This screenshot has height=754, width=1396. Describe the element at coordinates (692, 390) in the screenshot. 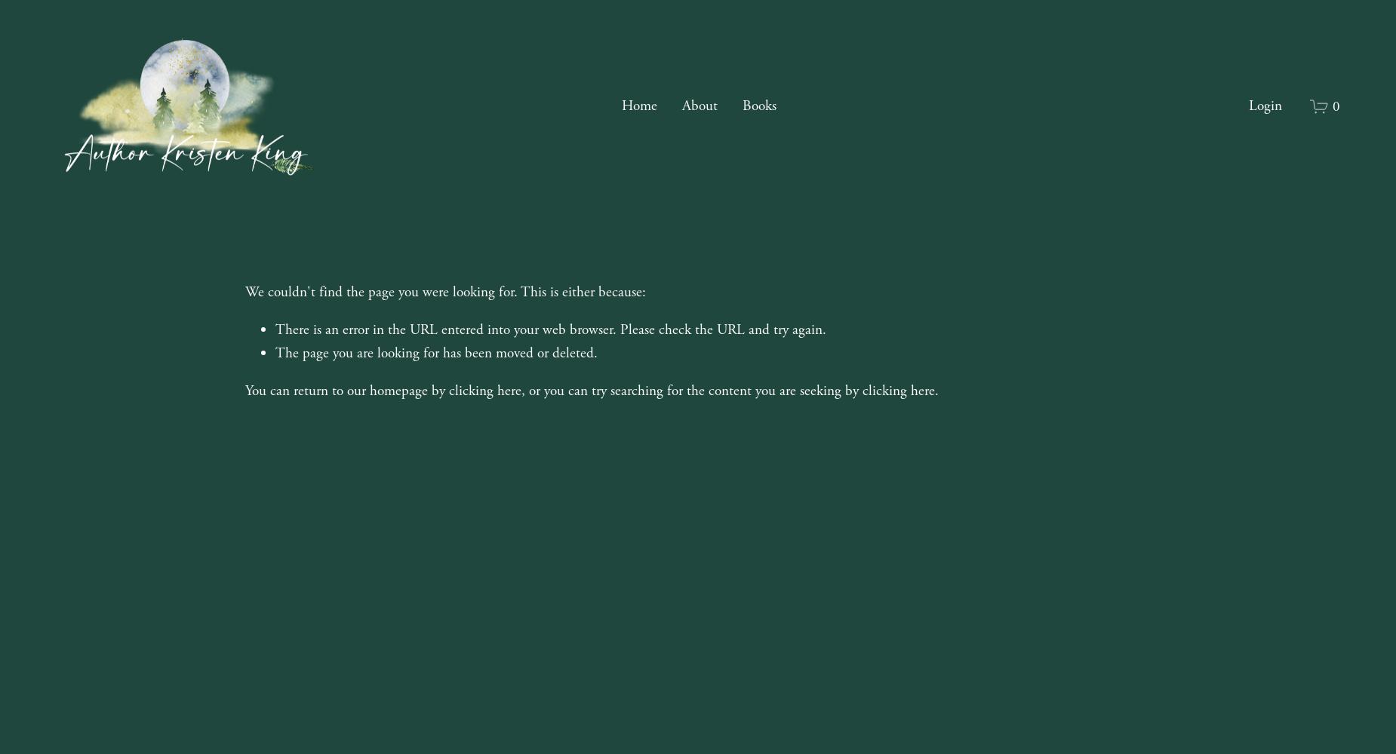

I see `', or you can try searching for the
  content you are seeking by'` at that location.